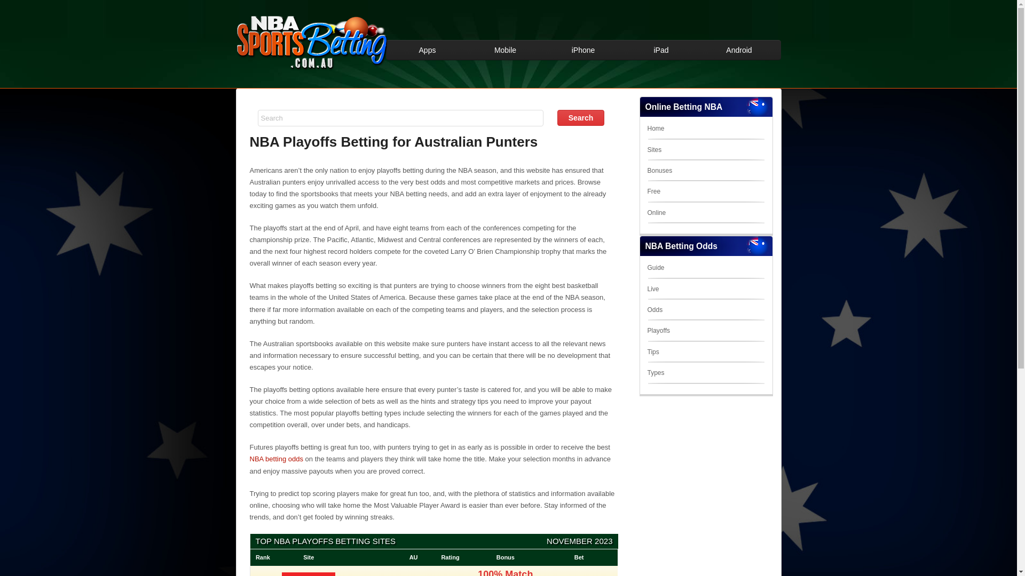  Describe the element at coordinates (277, 458) in the screenshot. I see `'NBA betting odds'` at that location.